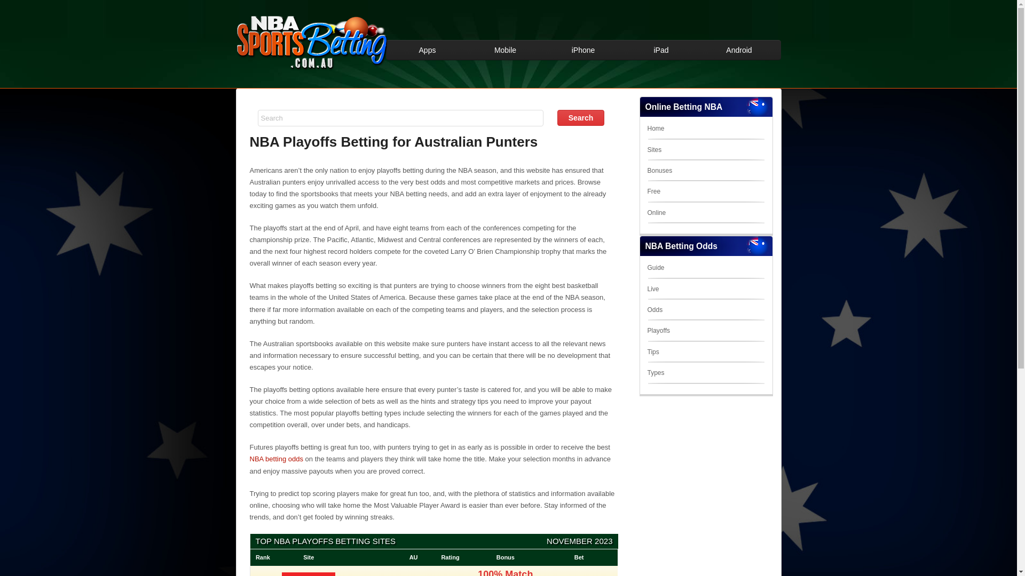  Describe the element at coordinates (277, 458) in the screenshot. I see `'NBA betting odds'` at that location.